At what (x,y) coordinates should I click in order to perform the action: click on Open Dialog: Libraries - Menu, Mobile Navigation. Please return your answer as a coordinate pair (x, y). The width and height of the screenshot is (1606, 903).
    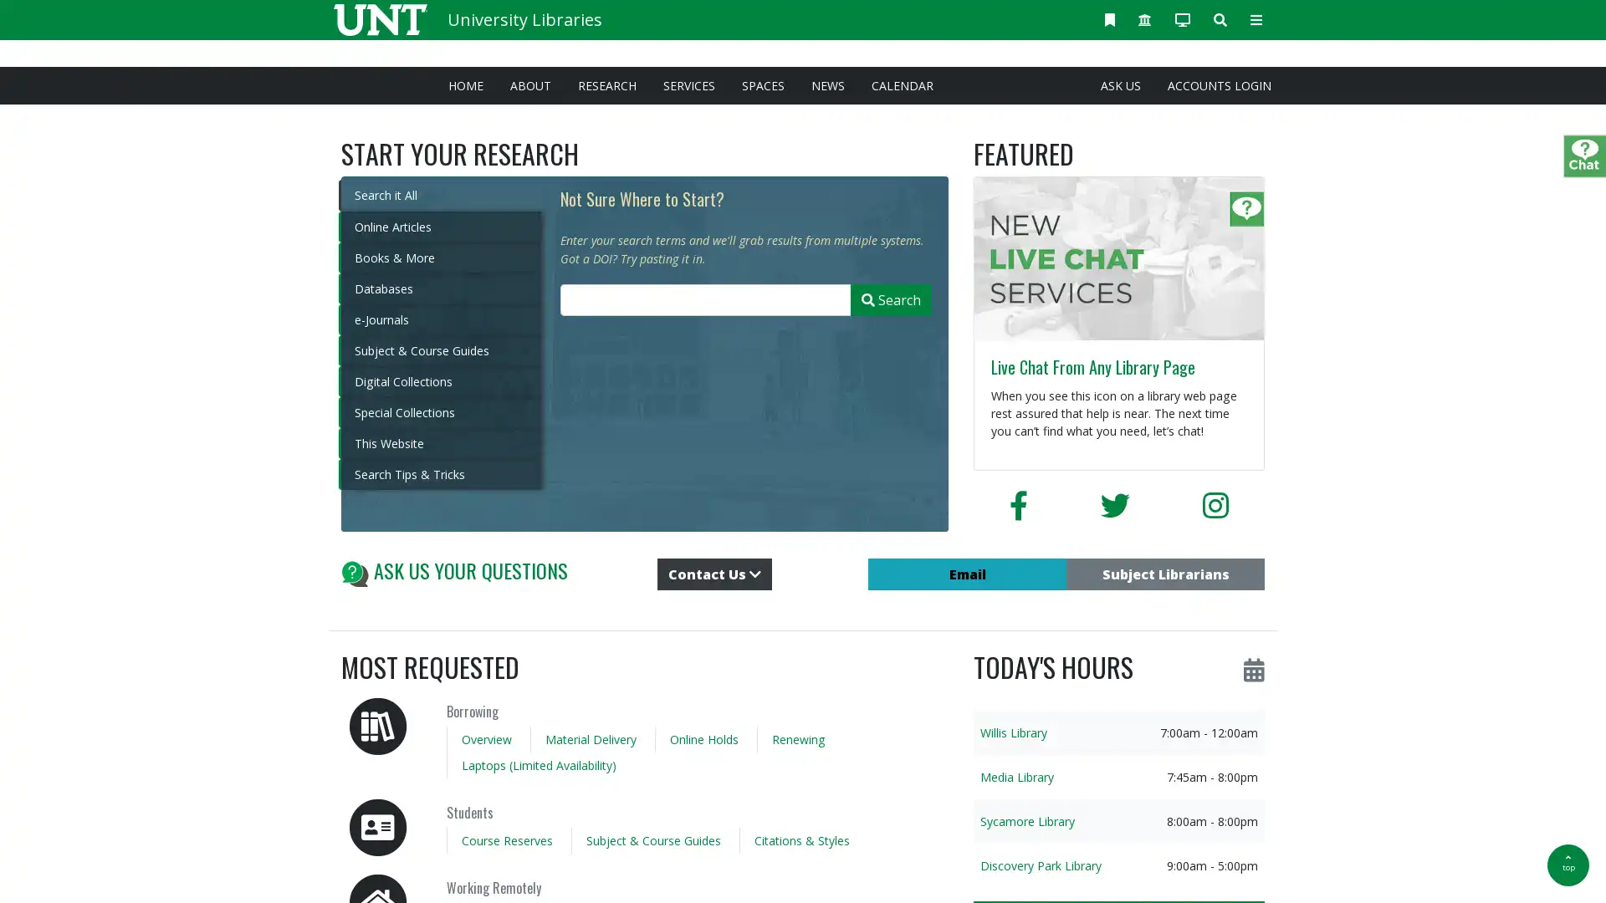
    Looking at the image, I should click on (1256, 19).